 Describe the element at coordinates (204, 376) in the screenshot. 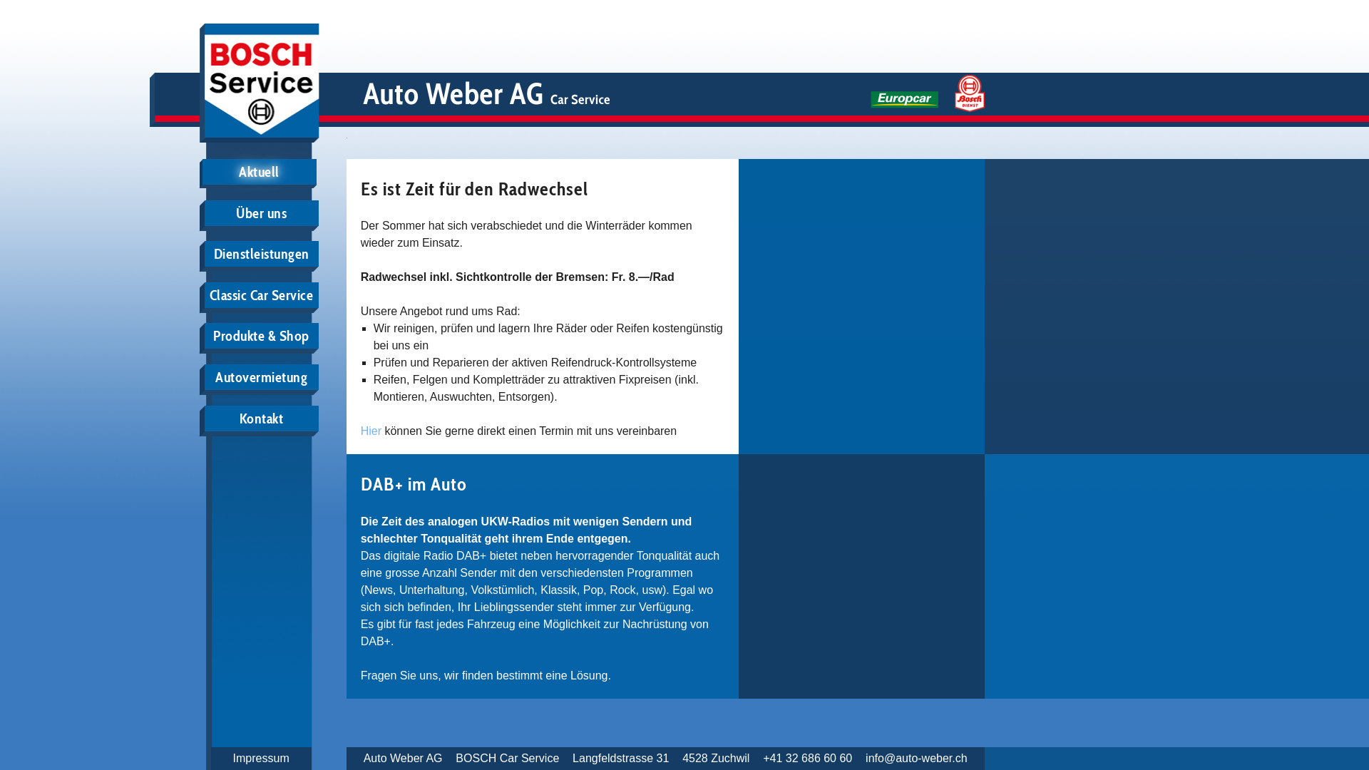

I see `'Autovermietung'` at that location.